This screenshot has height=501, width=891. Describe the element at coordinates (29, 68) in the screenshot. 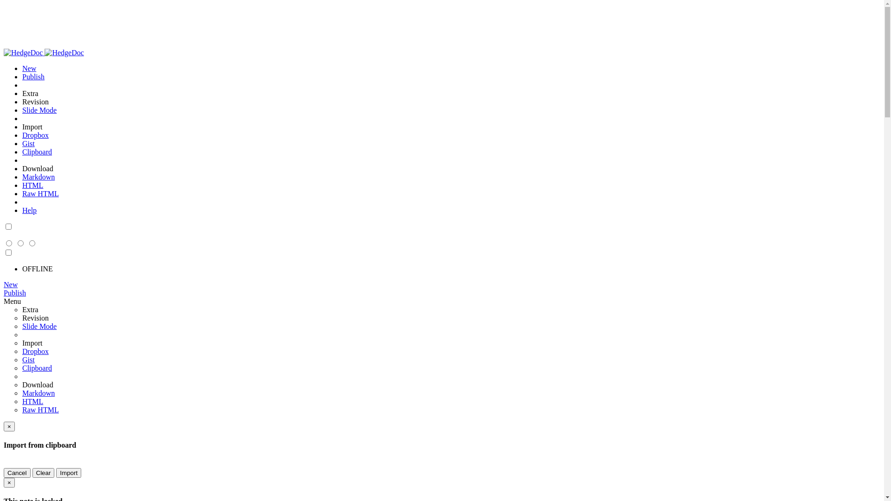

I see `'New'` at that location.